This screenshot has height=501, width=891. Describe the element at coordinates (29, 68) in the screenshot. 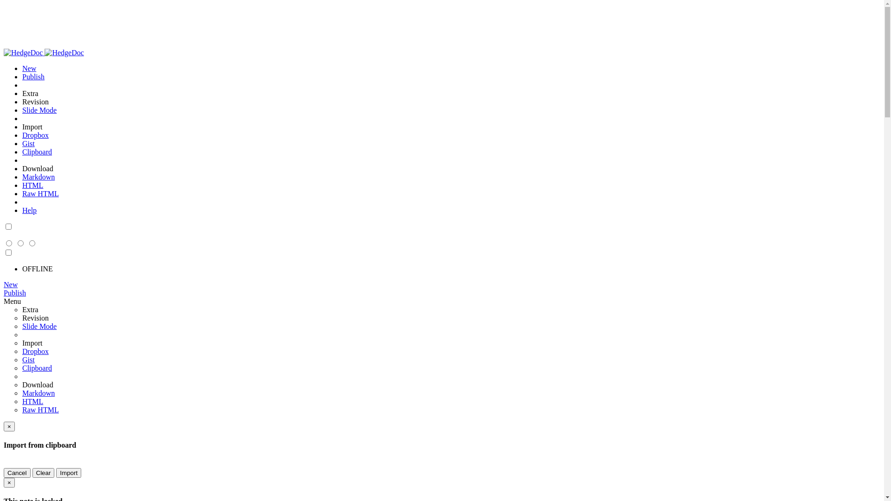

I see `'New'` at that location.